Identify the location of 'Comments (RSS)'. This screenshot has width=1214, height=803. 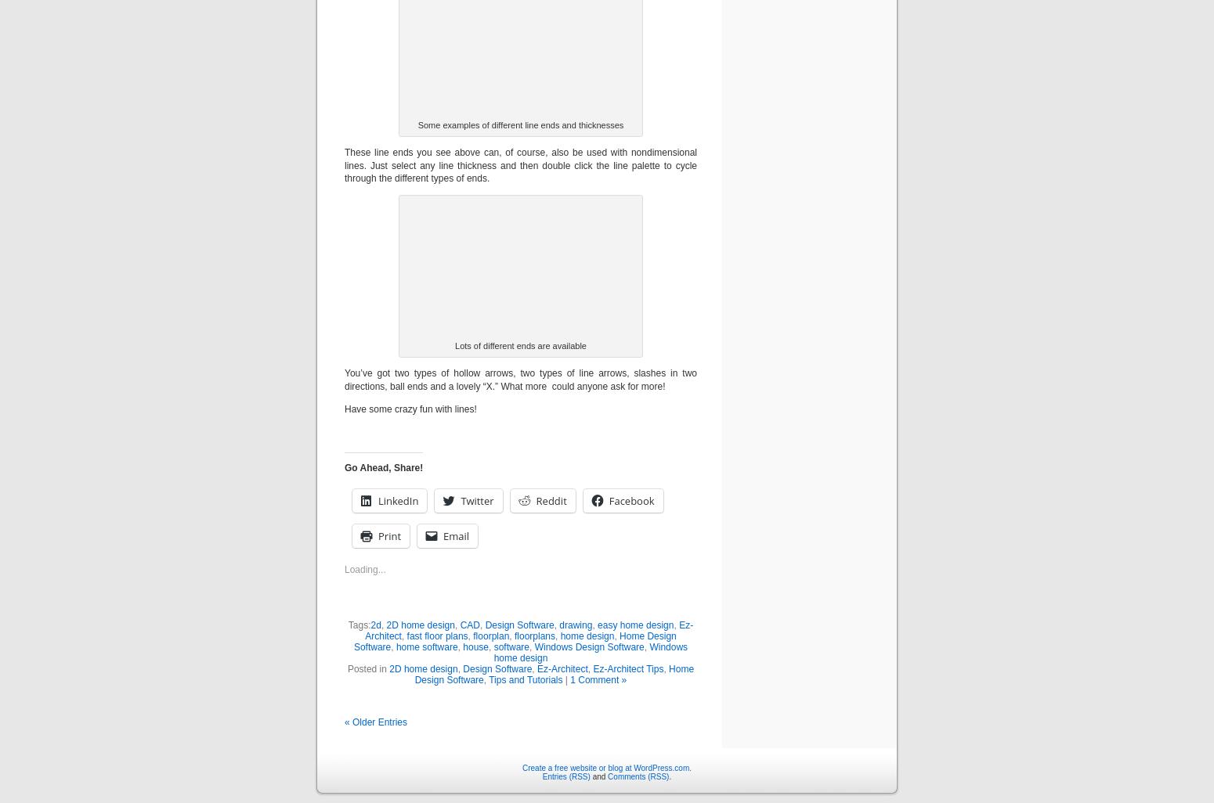
(637, 775).